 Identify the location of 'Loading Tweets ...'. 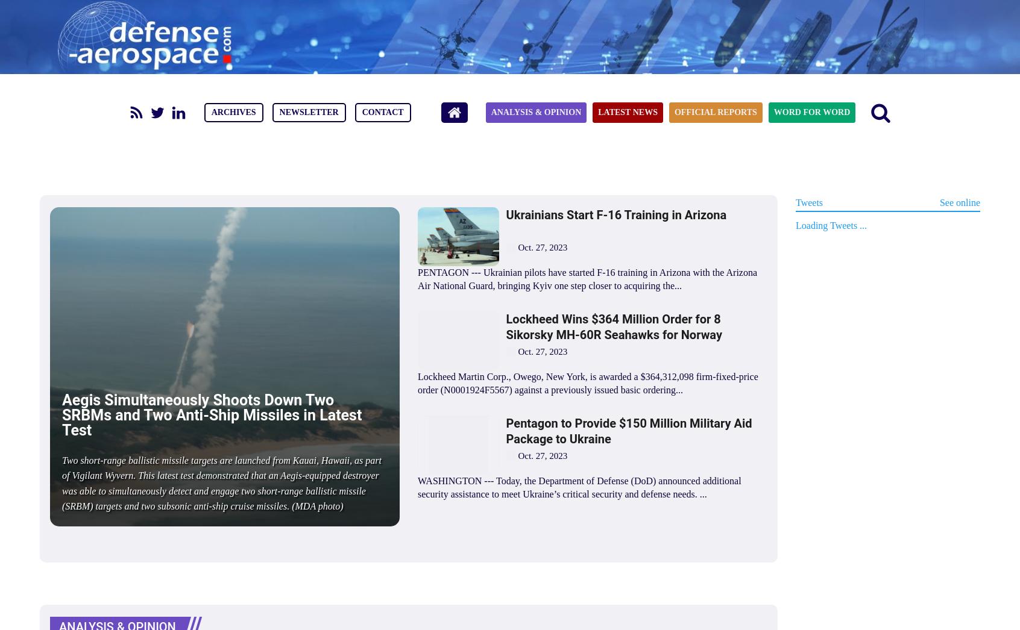
(795, 225).